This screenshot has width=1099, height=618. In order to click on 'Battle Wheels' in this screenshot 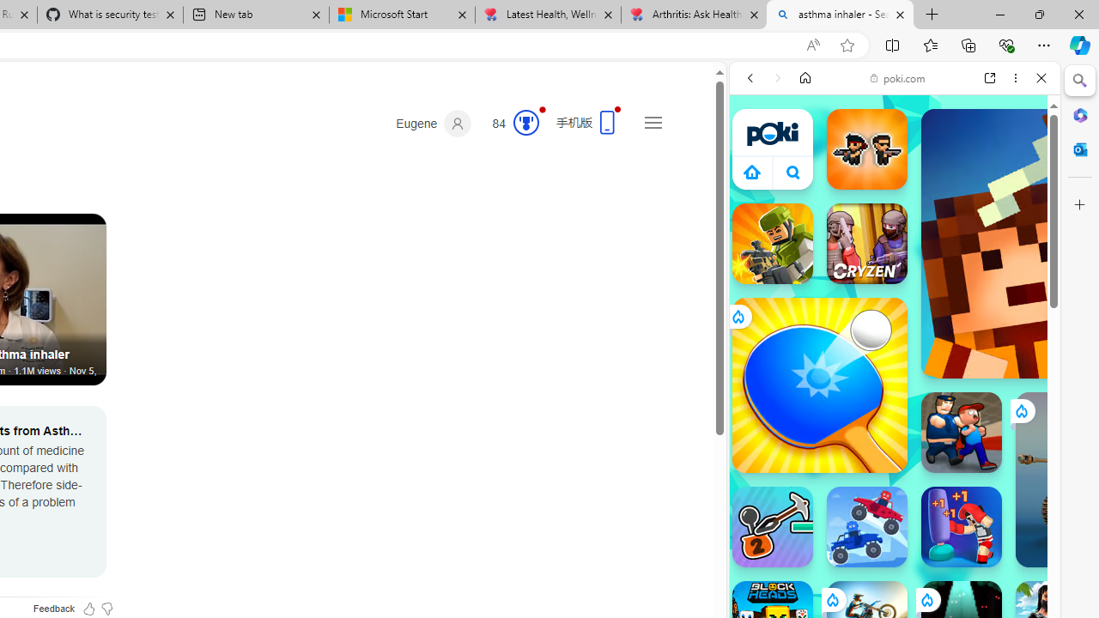, I will do `click(866, 526)`.